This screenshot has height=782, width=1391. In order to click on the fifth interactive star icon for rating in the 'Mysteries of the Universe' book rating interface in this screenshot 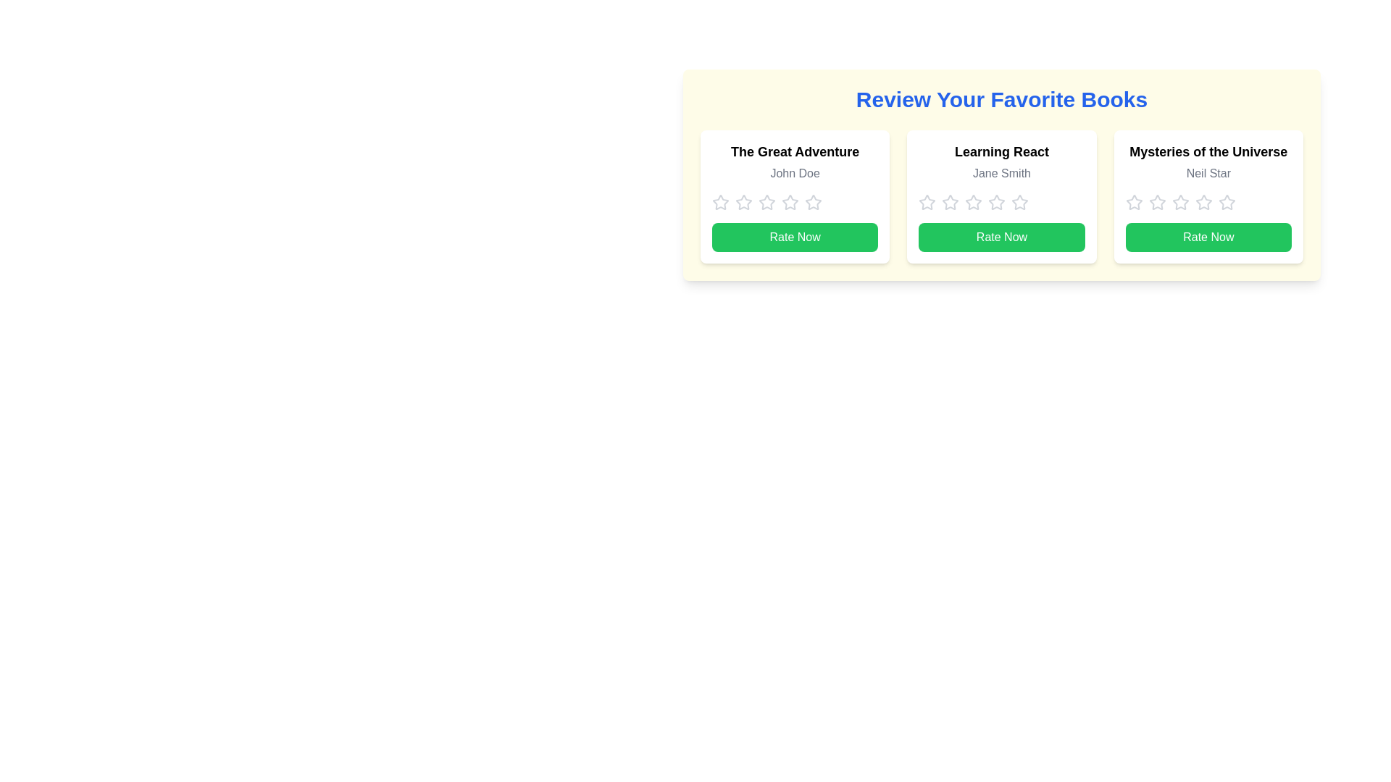, I will do `click(1203, 203)`.